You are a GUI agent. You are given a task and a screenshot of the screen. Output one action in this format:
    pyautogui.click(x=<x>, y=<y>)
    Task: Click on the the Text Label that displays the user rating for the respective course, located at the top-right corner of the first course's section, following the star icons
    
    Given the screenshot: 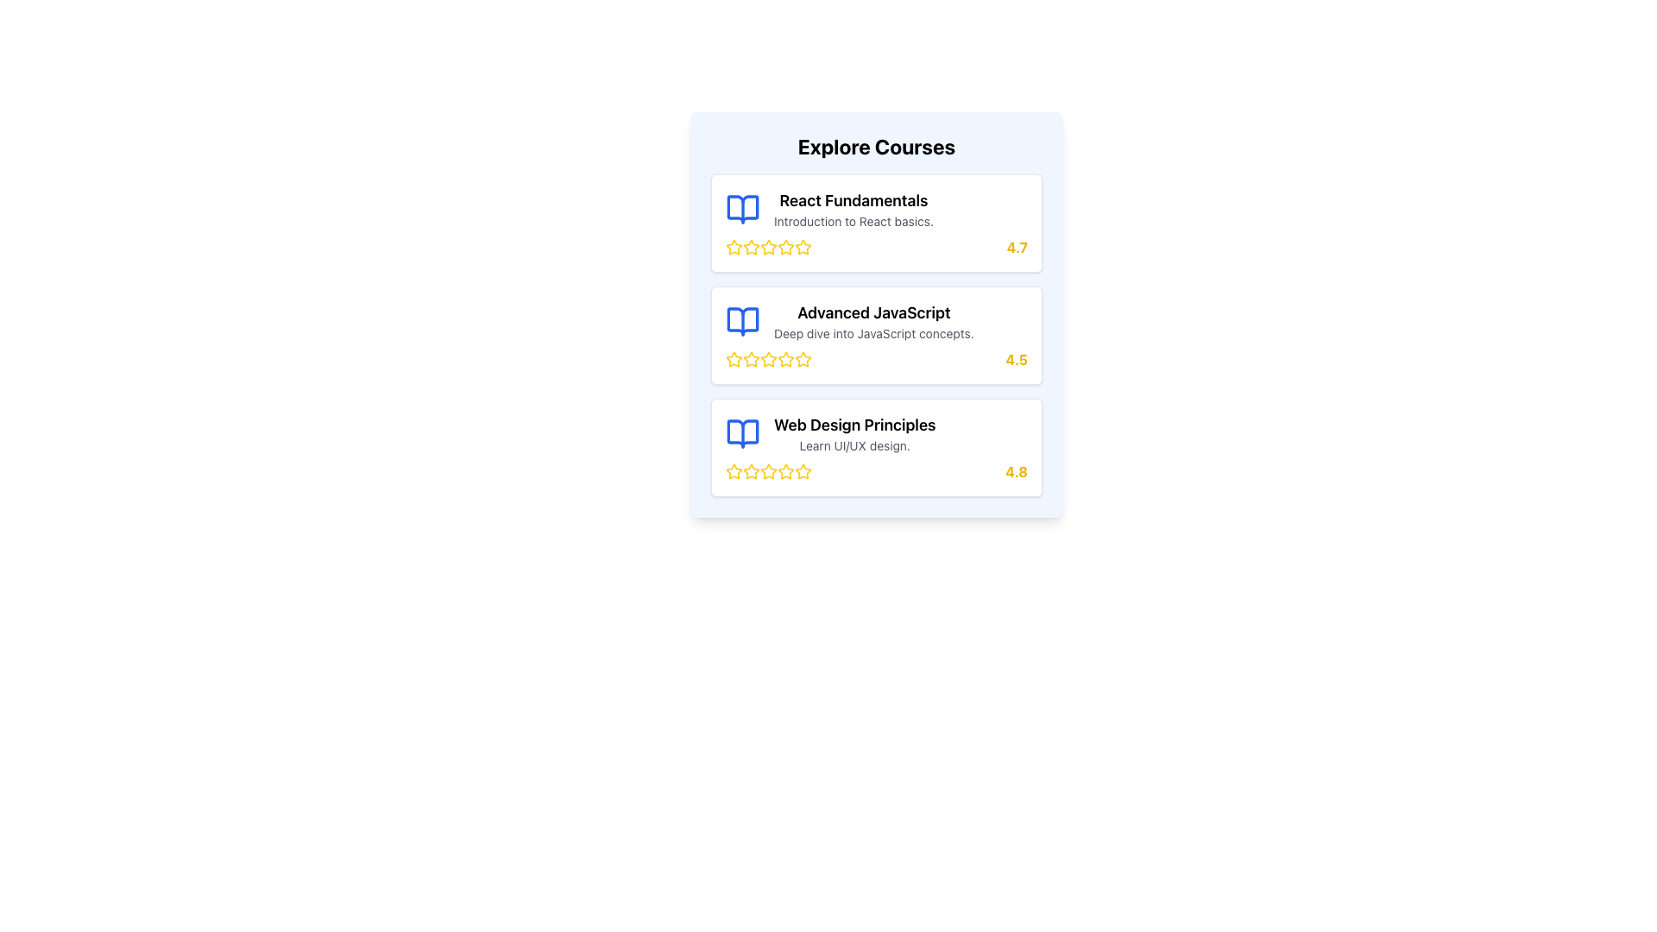 What is the action you would take?
    pyautogui.click(x=1017, y=247)
    